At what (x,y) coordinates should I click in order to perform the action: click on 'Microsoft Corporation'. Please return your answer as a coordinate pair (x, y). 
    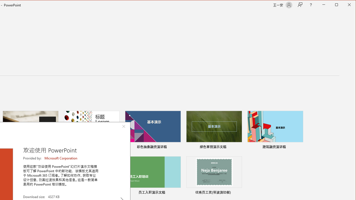
    Looking at the image, I should click on (61, 158).